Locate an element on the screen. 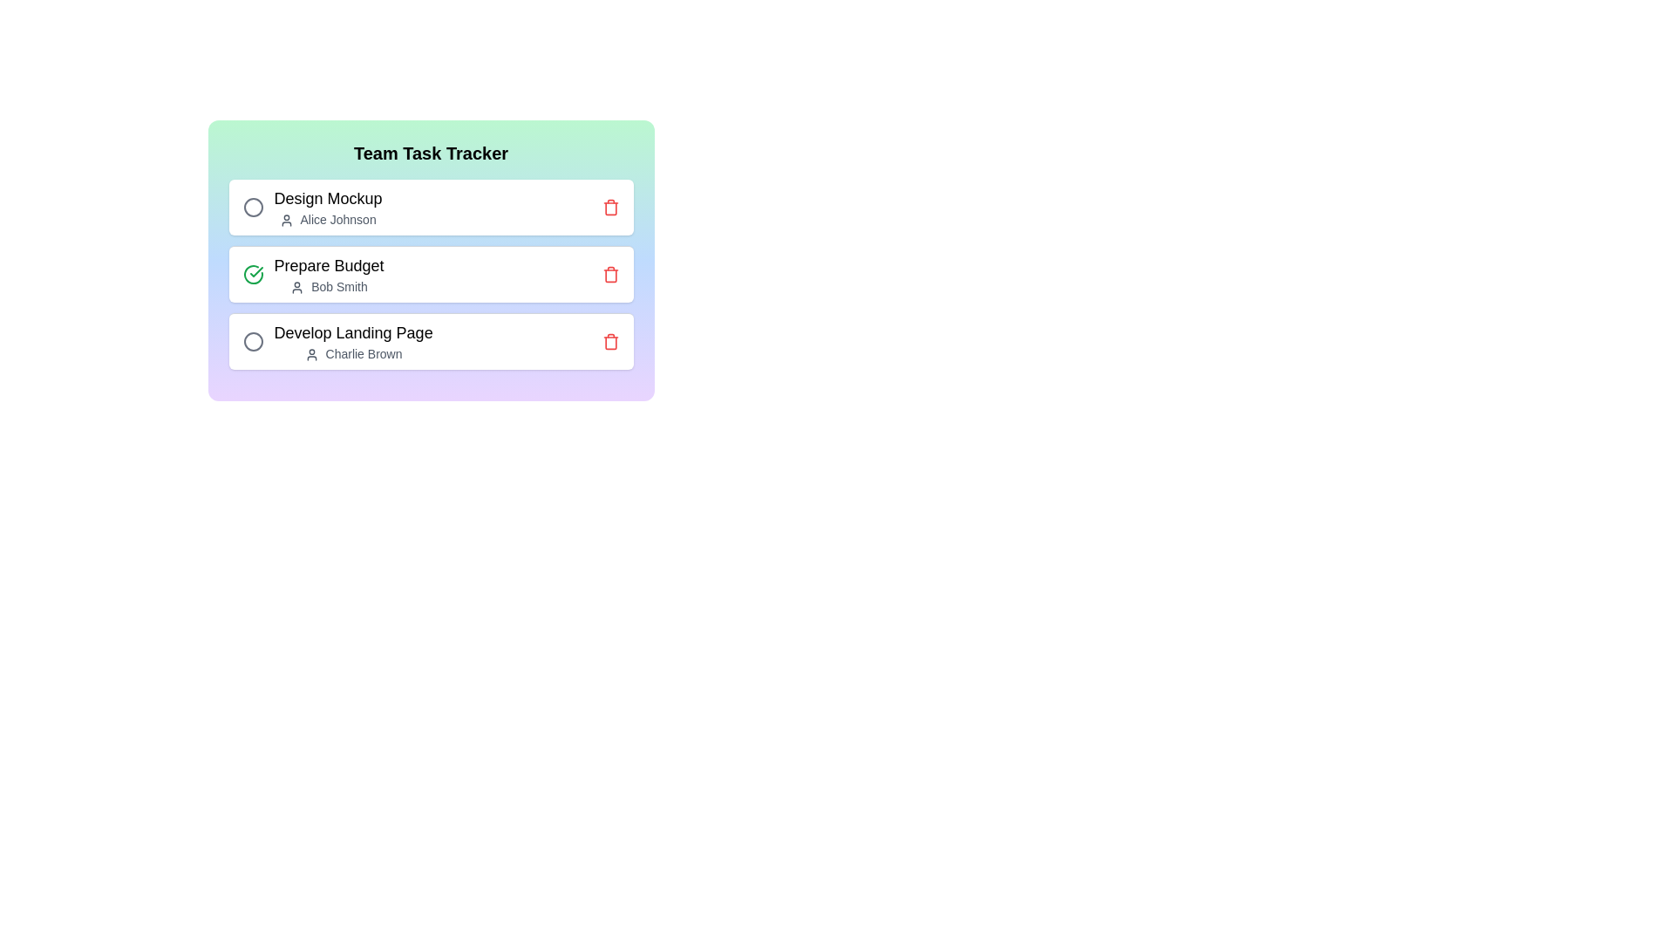  the user icon associated with Design Mockup is located at coordinates (287, 220).